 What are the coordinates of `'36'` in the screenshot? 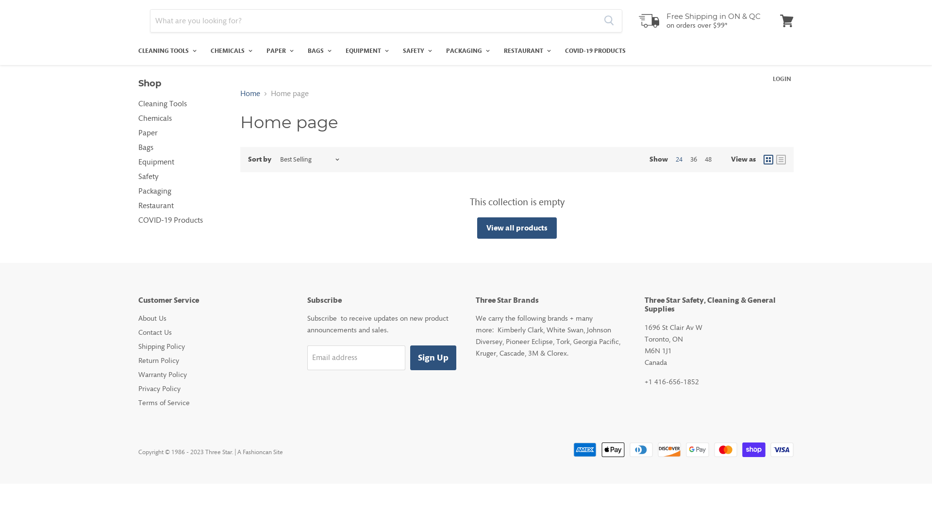 It's located at (689, 159).